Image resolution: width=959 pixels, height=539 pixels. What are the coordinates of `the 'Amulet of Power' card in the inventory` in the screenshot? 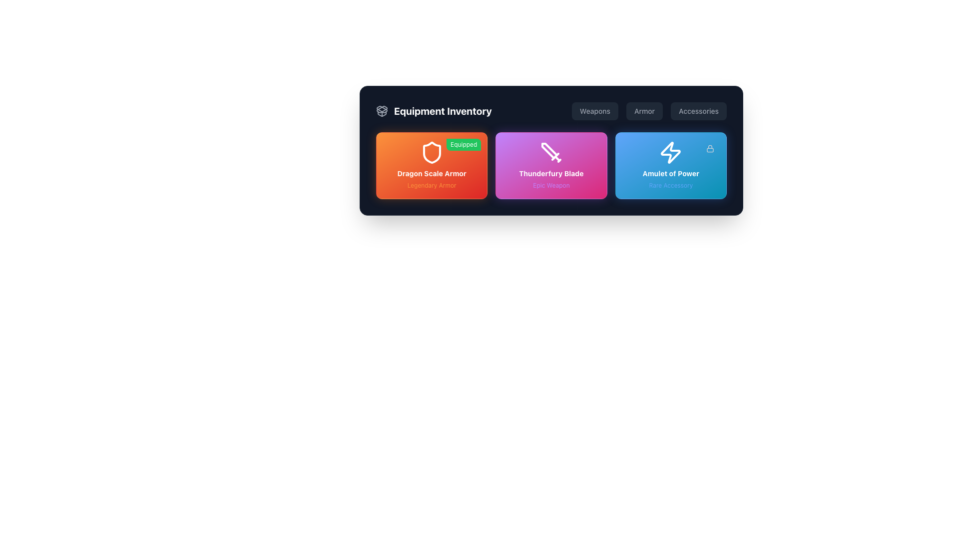 It's located at (671, 165).